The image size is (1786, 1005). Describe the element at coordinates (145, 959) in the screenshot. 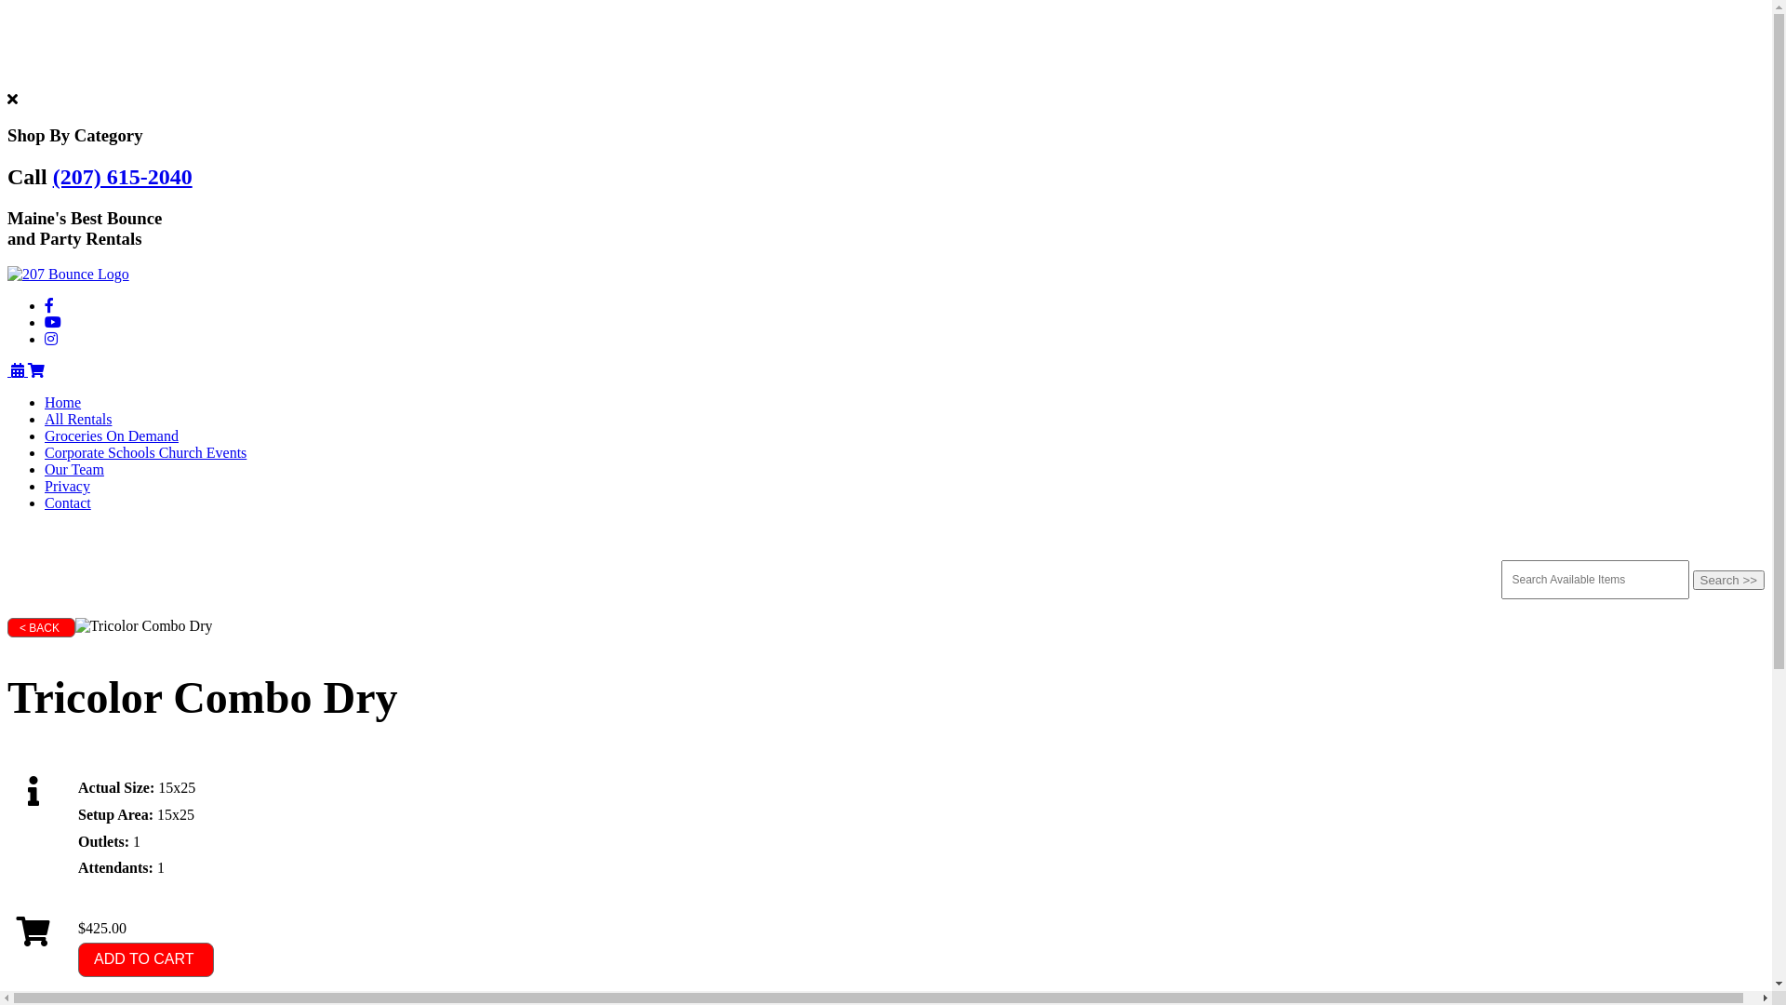

I see `'ADD TO CART'` at that location.